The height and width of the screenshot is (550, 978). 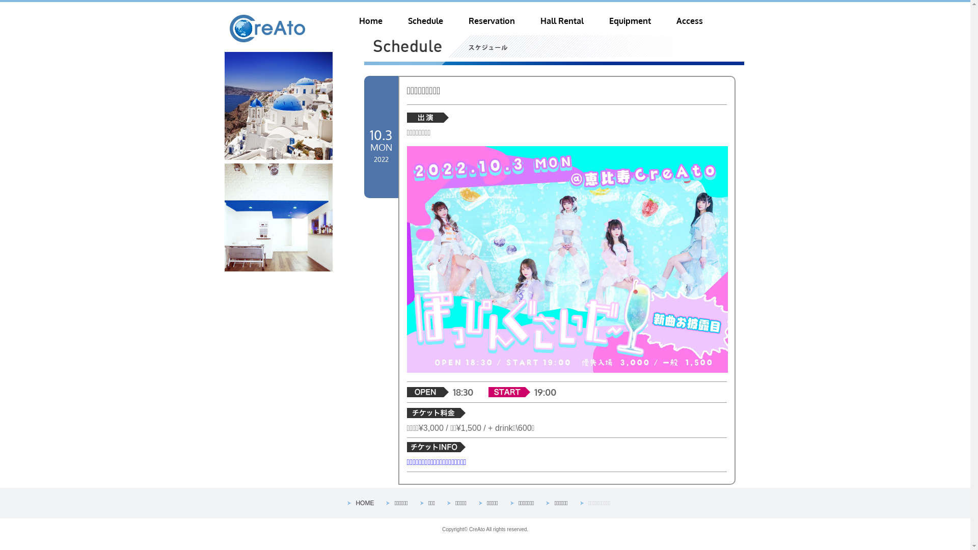 What do you see at coordinates (561, 21) in the screenshot?
I see `'Hall Rental'` at bounding box center [561, 21].